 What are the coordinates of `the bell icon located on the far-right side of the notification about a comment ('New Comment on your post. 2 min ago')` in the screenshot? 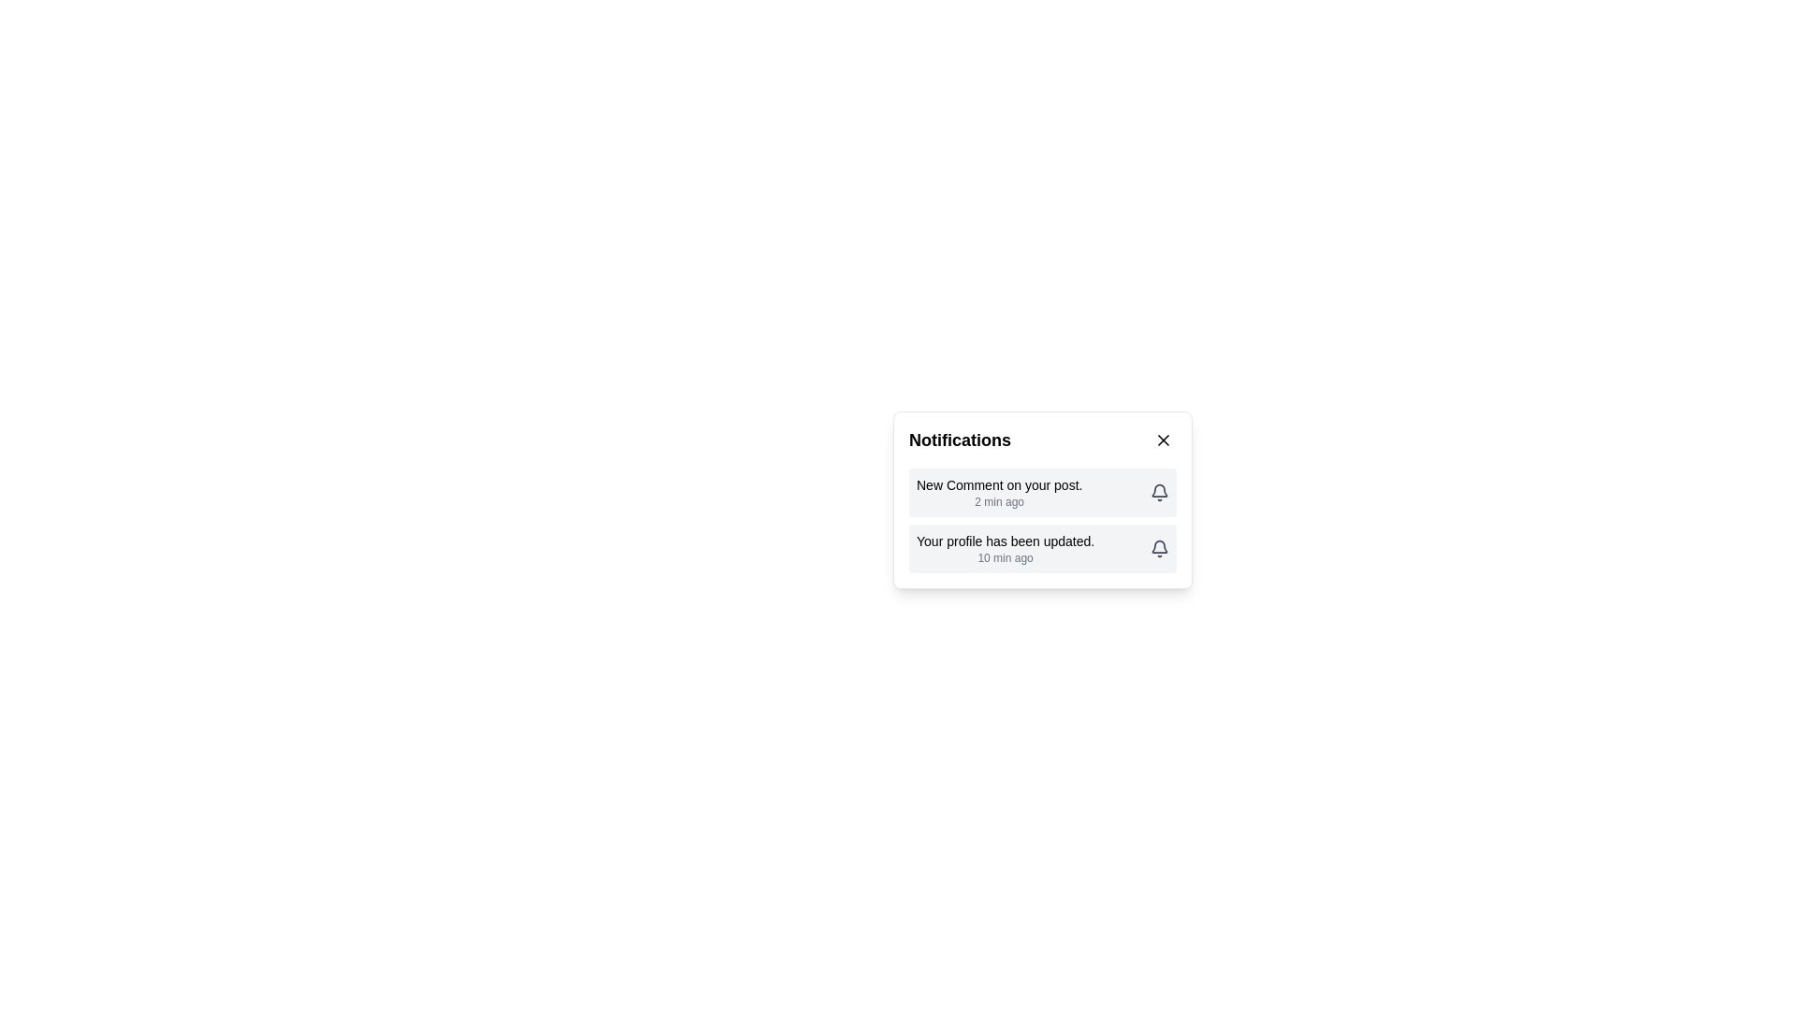 It's located at (1158, 492).